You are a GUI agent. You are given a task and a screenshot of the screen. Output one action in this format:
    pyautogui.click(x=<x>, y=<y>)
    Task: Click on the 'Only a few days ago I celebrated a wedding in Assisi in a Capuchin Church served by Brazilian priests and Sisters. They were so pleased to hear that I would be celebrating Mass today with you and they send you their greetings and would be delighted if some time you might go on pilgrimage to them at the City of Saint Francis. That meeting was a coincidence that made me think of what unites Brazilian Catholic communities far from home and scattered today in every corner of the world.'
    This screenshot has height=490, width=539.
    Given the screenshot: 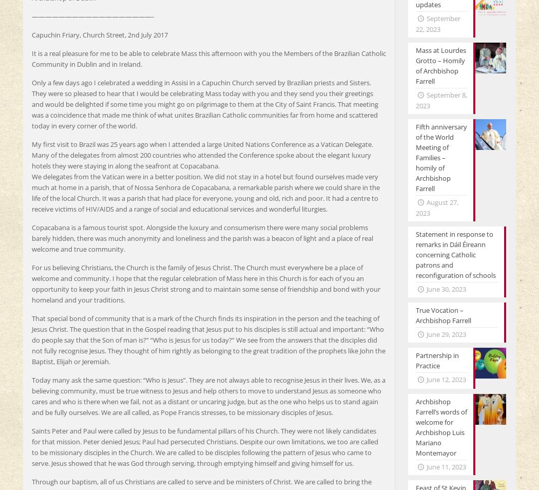 What is the action you would take?
    pyautogui.click(x=205, y=104)
    